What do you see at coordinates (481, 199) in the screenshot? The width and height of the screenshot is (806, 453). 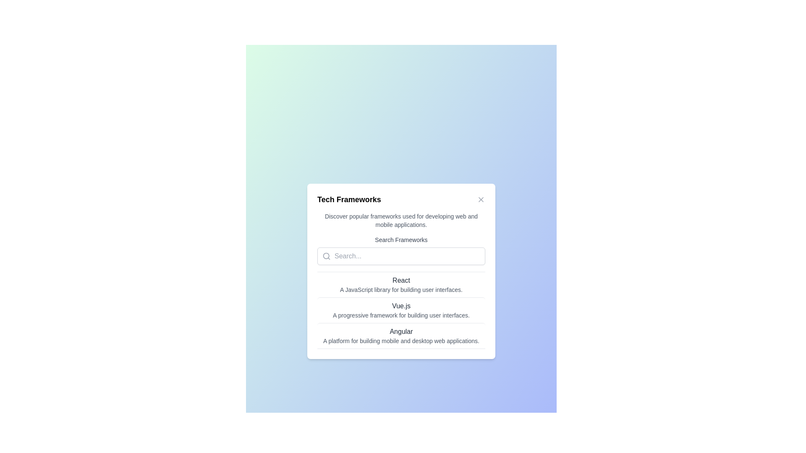 I see `the close icon located in the top-right corner of the modal dialog titled 'Tech Frameworks'` at bounding box center [481, 199].